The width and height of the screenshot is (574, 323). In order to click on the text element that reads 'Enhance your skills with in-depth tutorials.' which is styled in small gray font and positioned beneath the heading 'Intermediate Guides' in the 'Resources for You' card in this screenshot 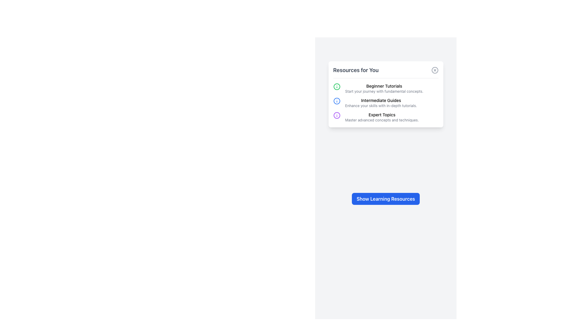, I will do `click(381, 106)`.